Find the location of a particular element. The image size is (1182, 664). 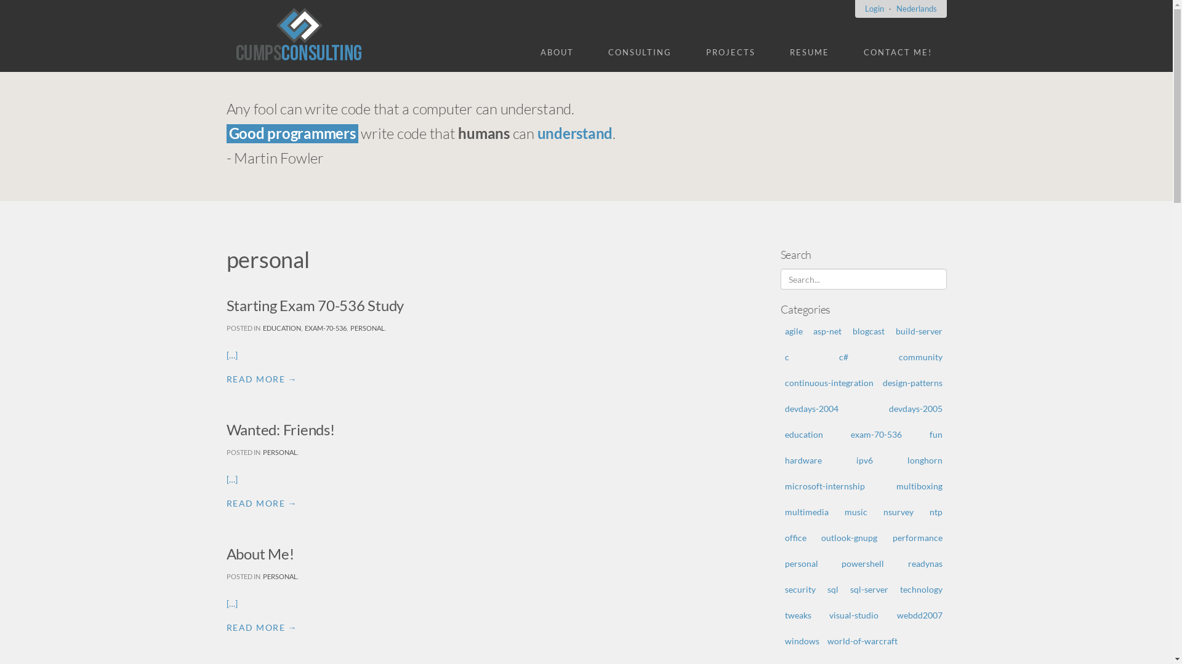

'world-of-warcraft' is located at coordinates (862, 640).